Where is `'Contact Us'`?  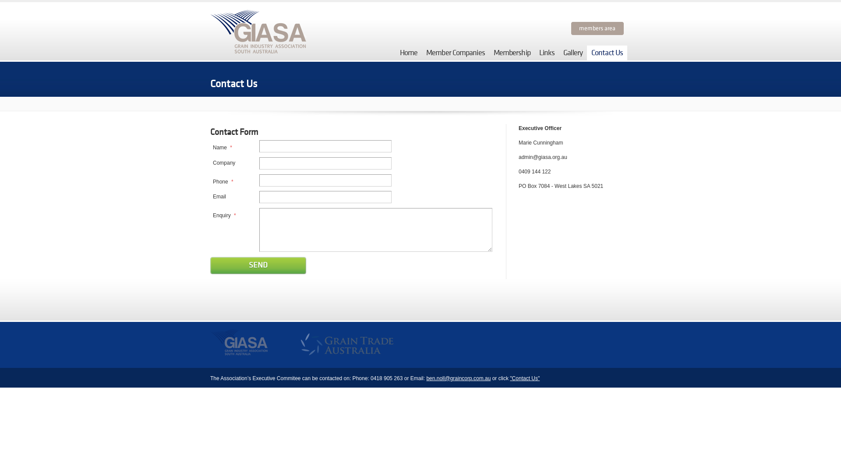
'Contact Us' is located at coordinates (607, 53).